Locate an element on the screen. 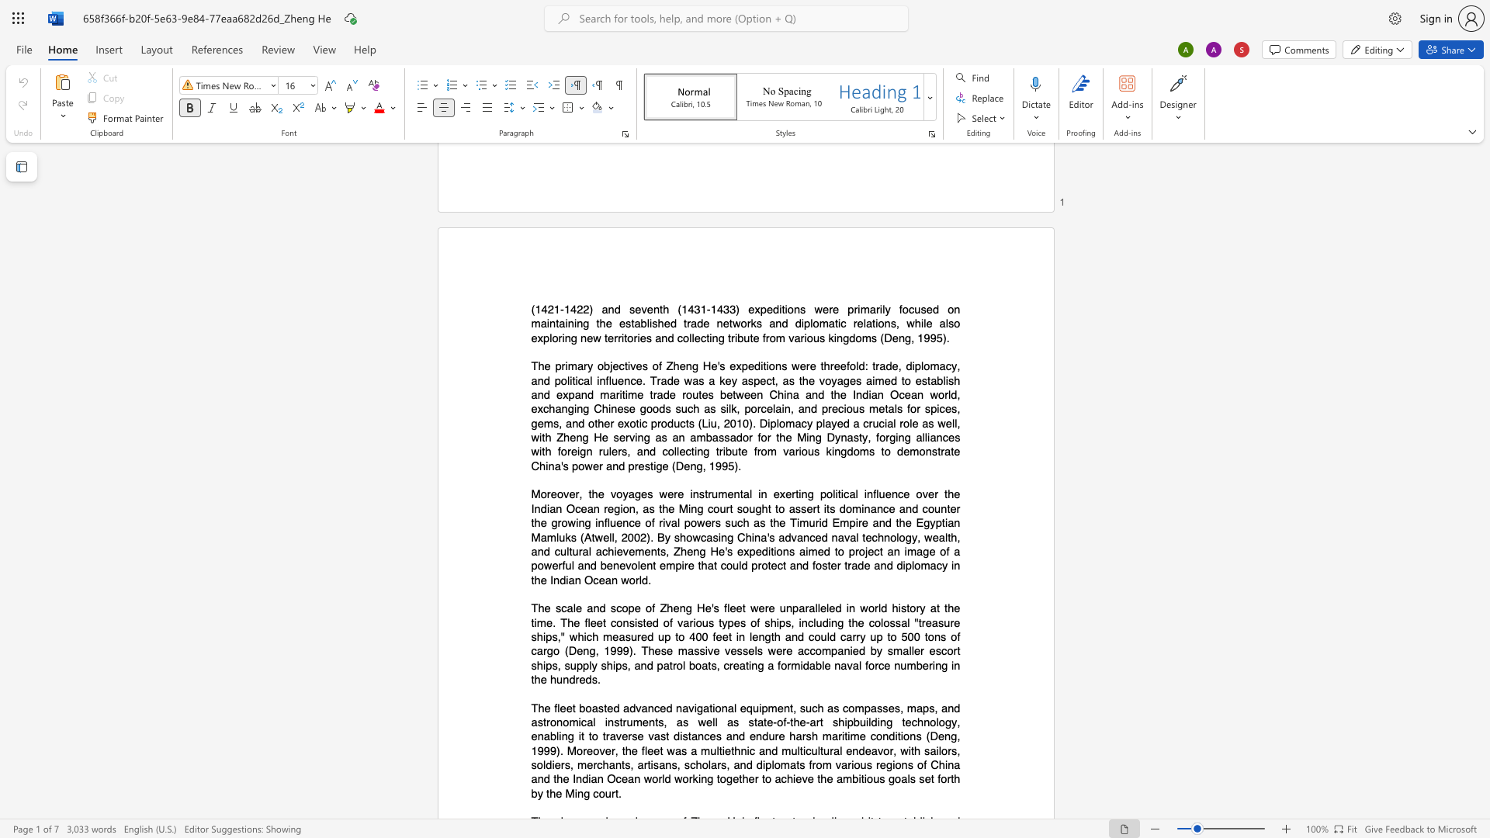  the subset text "ng" within the text "showcasing" is located at coordinates (720, 536).